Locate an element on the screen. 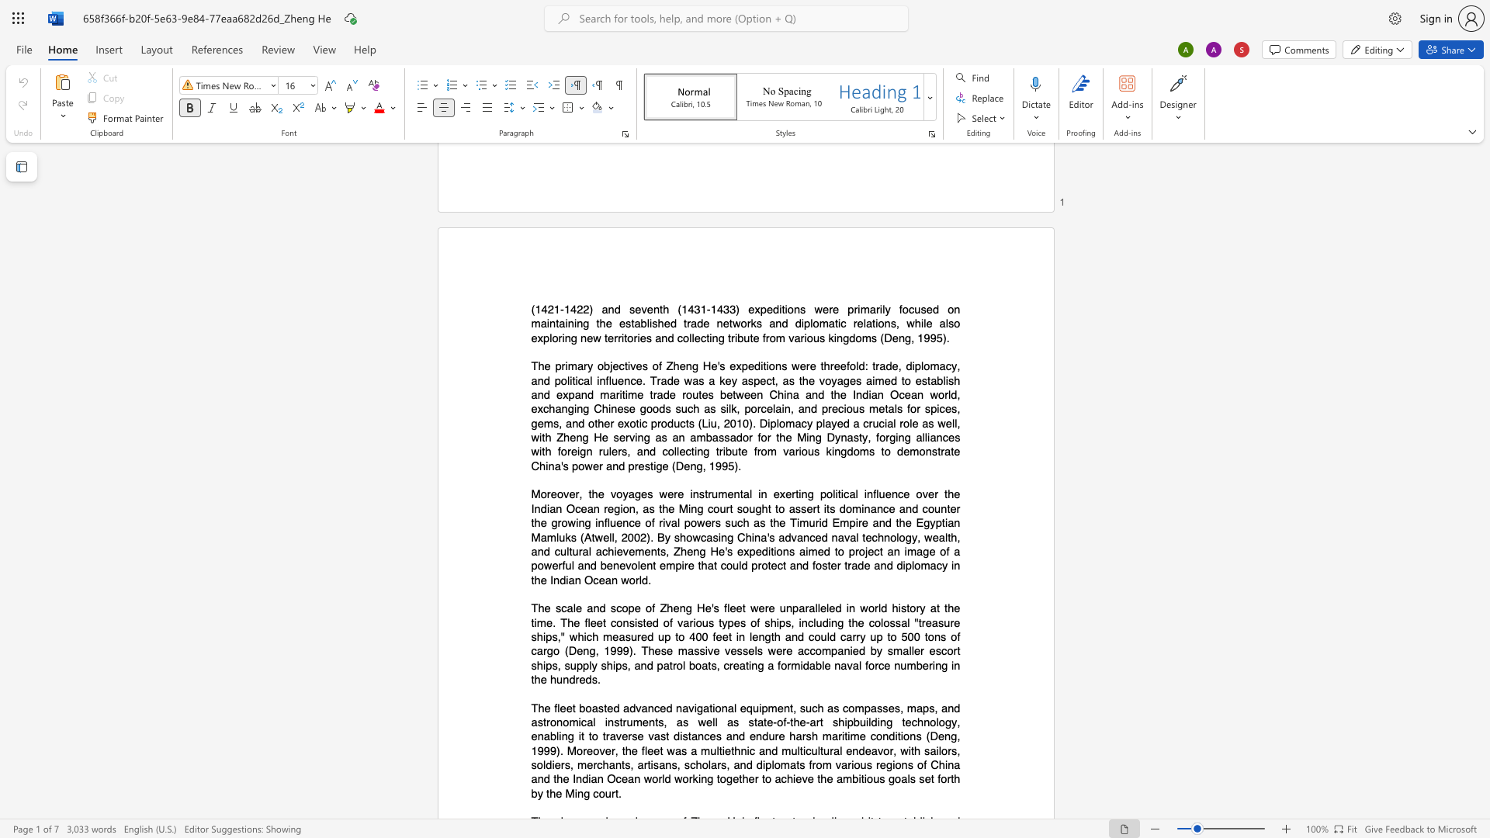  the subset text "ng" within the text "showcasing" is located at coordinates (720, 536).